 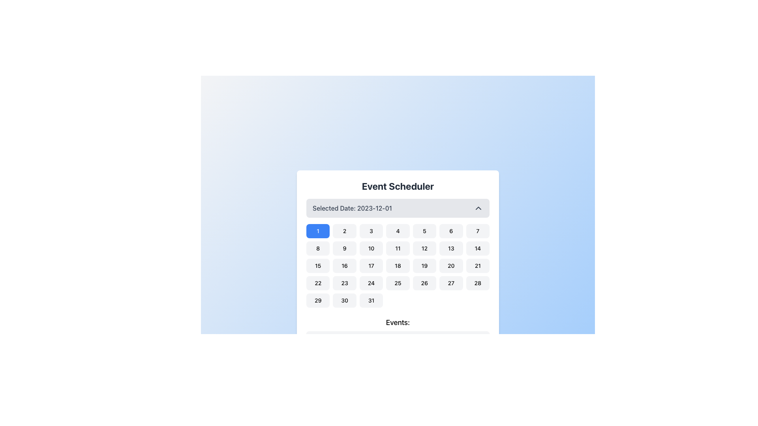 I want to click on the upward-pointing chevron icon on the right side of the selector bar labeled 'Selected Date: 2023-12-01', so click(x=478, y=208).